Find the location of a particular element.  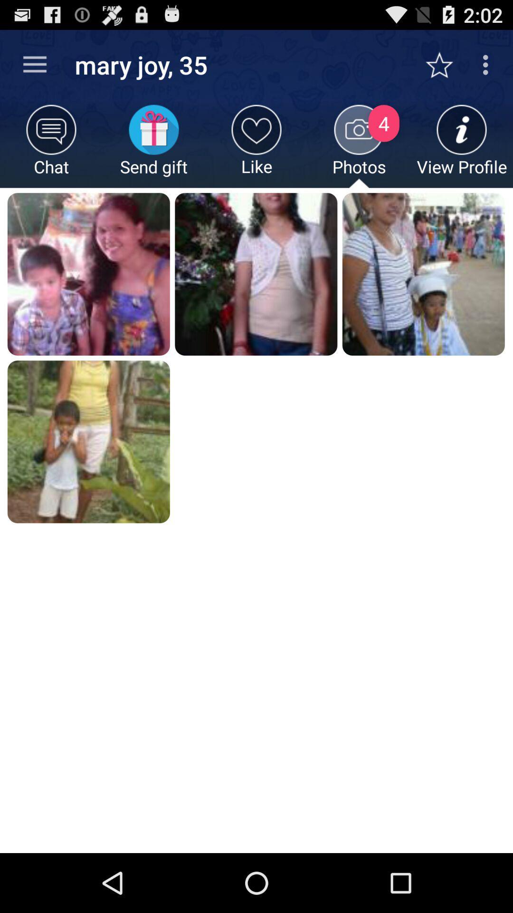

the chat icon is located at coordinates (51, 146).